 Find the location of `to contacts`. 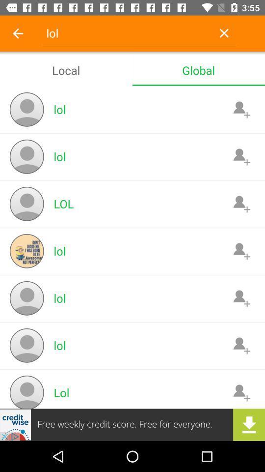

to contacts is located at coordinates (241, 109).